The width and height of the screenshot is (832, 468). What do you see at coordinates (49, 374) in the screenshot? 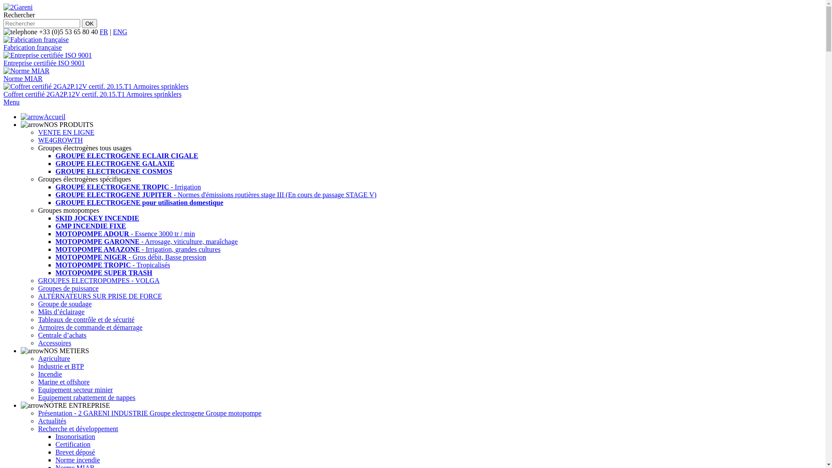
I see `'Incendie'` at bounding box center [49, 374].